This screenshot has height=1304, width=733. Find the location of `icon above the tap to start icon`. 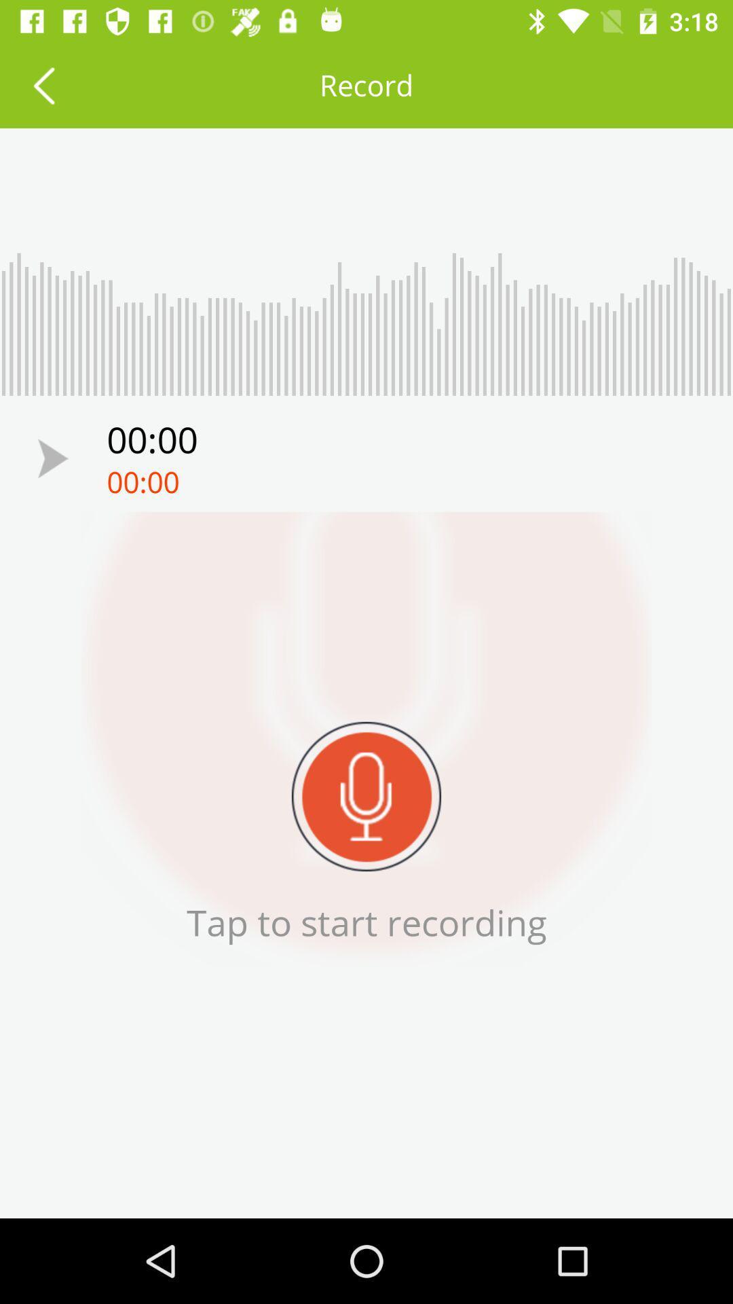

icon above the tap to start icon is located at coordinates (52, 458).